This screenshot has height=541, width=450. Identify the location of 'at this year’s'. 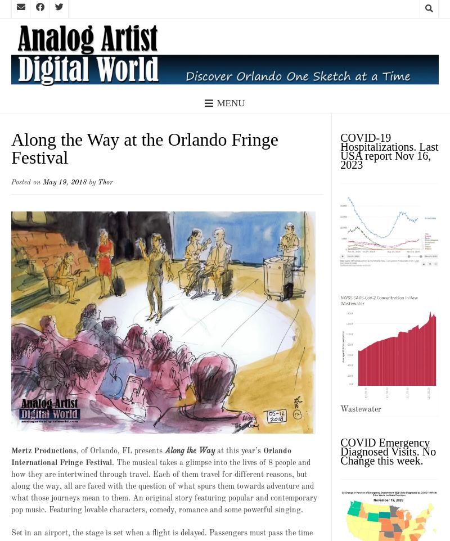
(238, 449).